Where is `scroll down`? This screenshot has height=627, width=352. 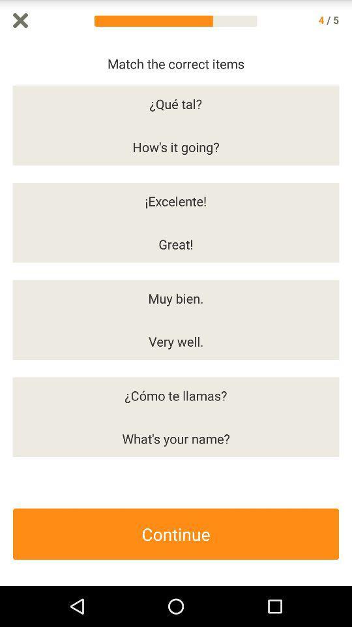 scroll down is located at coordinates (345, 313).